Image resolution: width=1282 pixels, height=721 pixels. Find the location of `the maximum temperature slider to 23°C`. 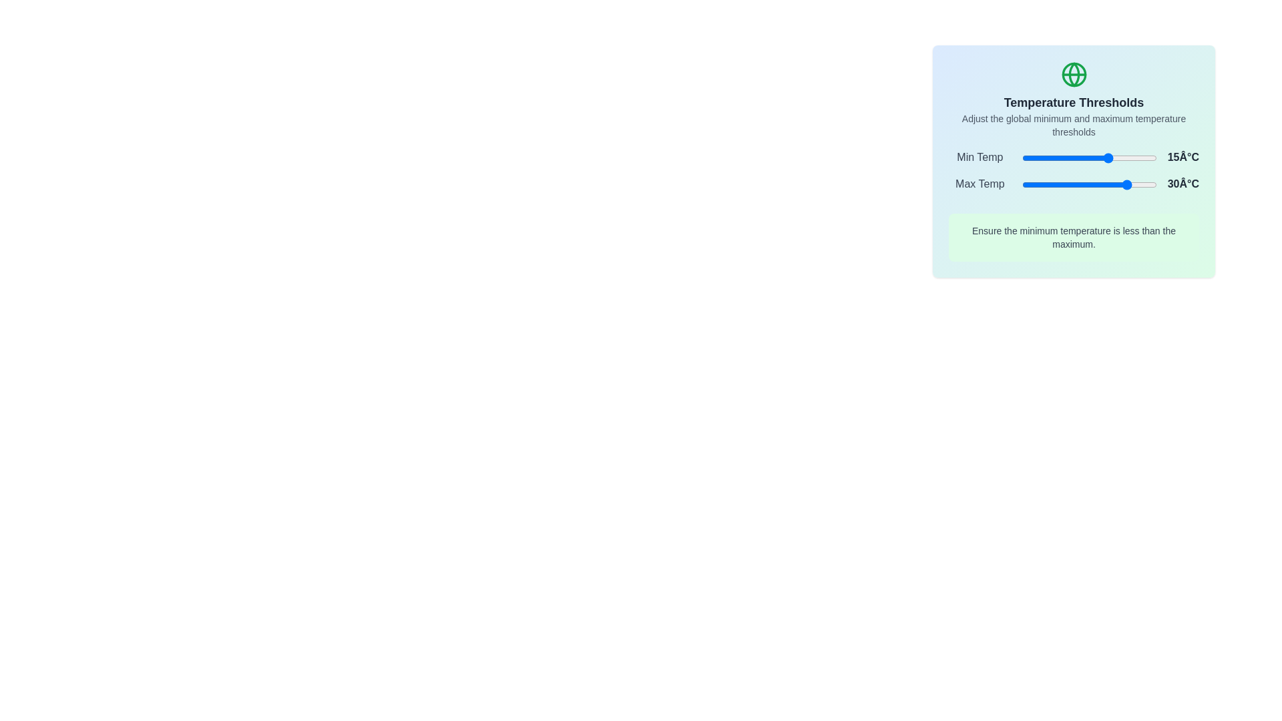

the maximum temperature slider to 23°C is located at coordinates (1120, 185).